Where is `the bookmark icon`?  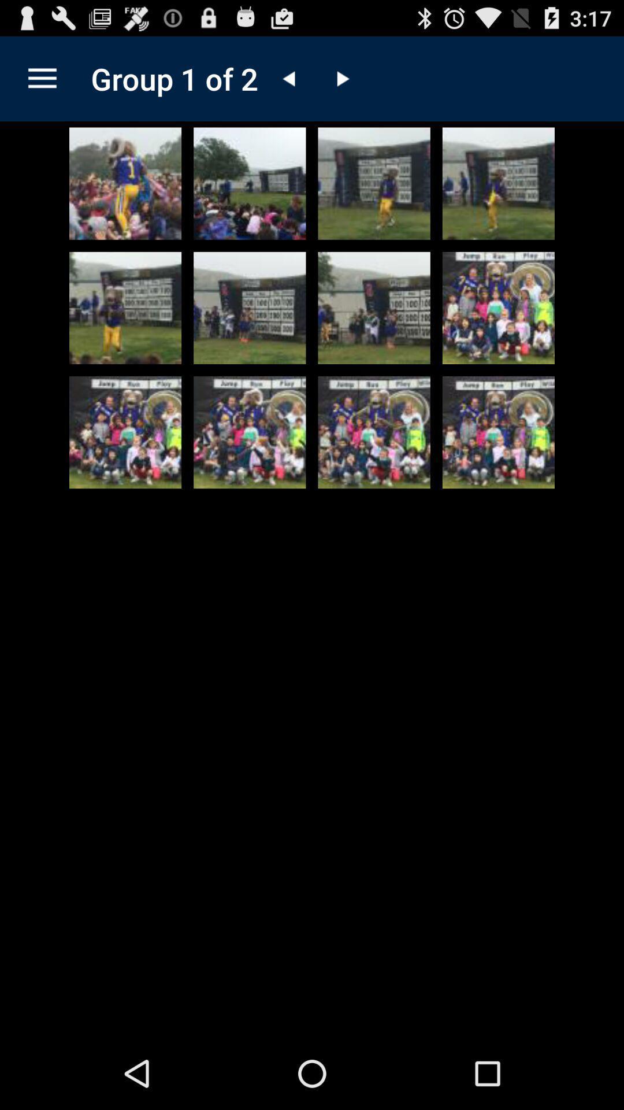
the bookmark icon is located at coordinates (374, 329).